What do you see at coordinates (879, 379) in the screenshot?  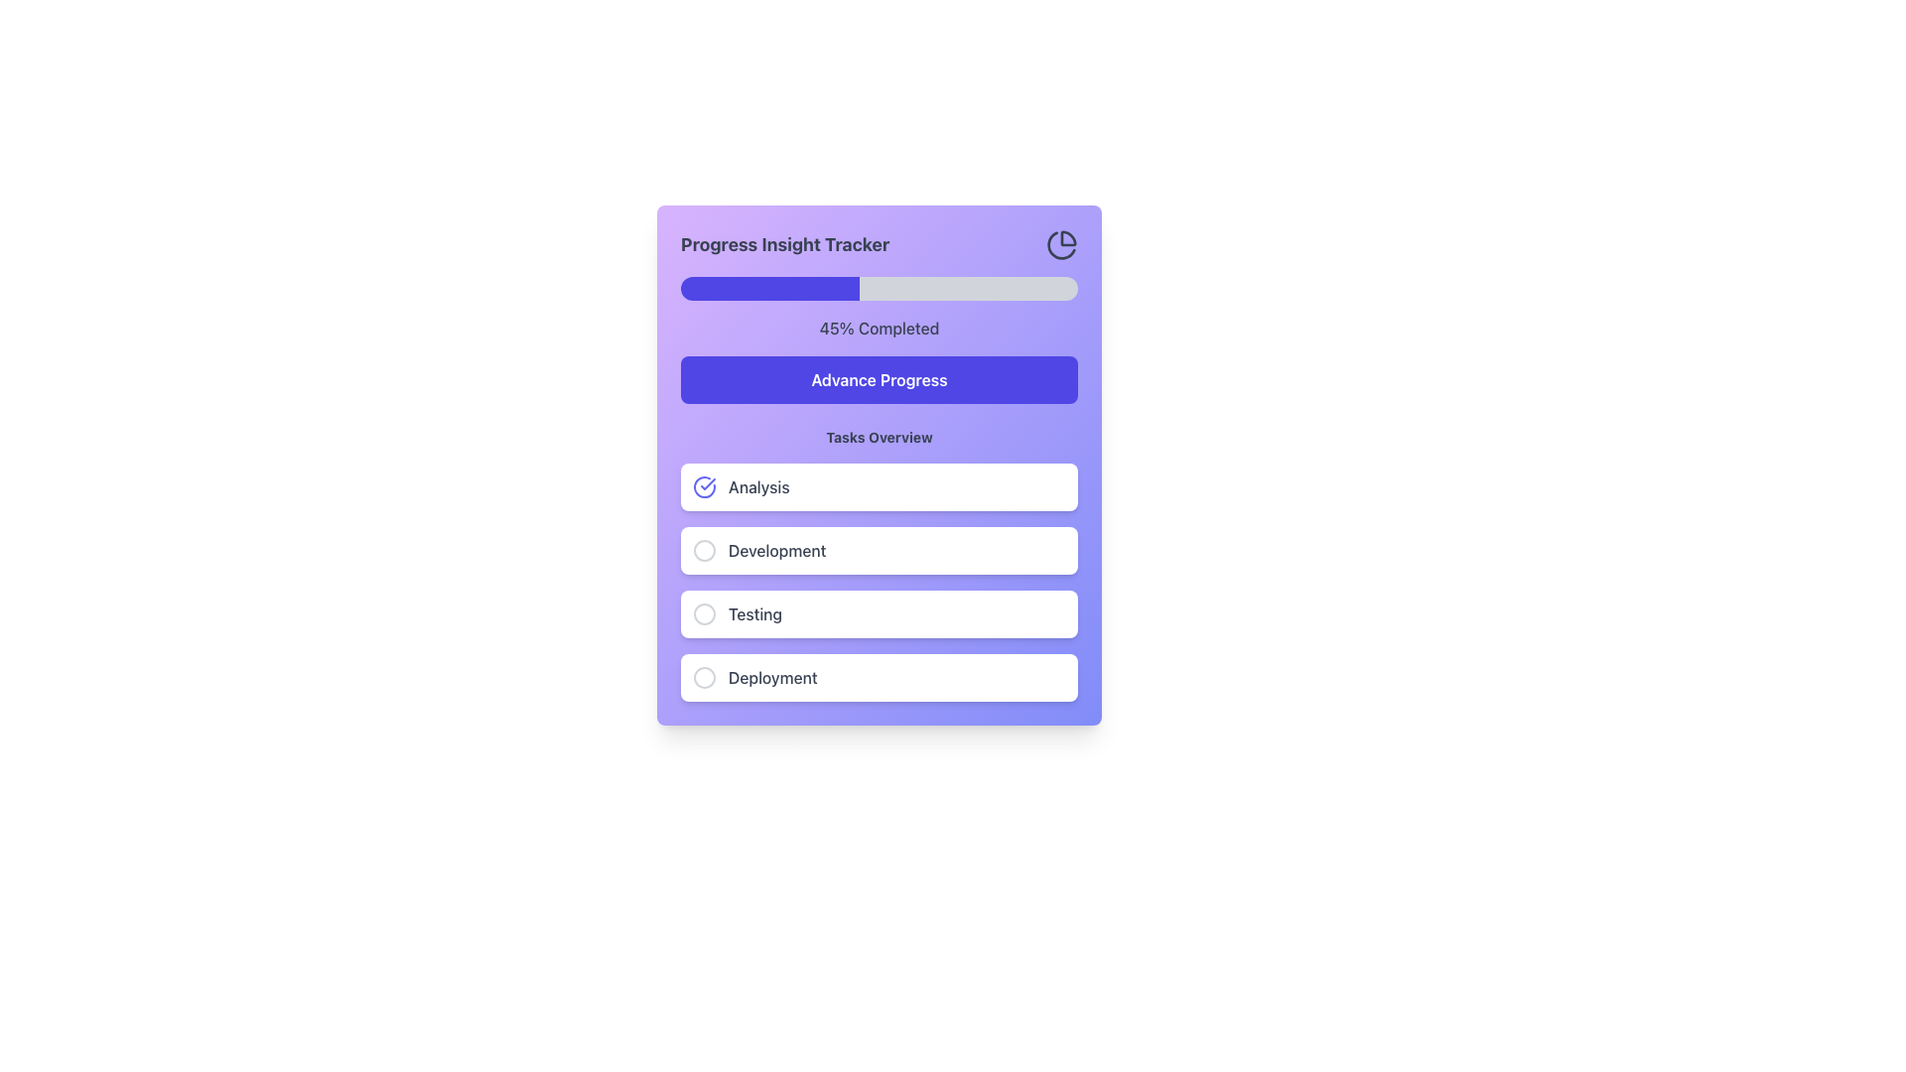 I see `the button located in the 'Progress Insight Tracker' card below the progress bar and the '45% Completed' label` at bounding box center [879, 379].